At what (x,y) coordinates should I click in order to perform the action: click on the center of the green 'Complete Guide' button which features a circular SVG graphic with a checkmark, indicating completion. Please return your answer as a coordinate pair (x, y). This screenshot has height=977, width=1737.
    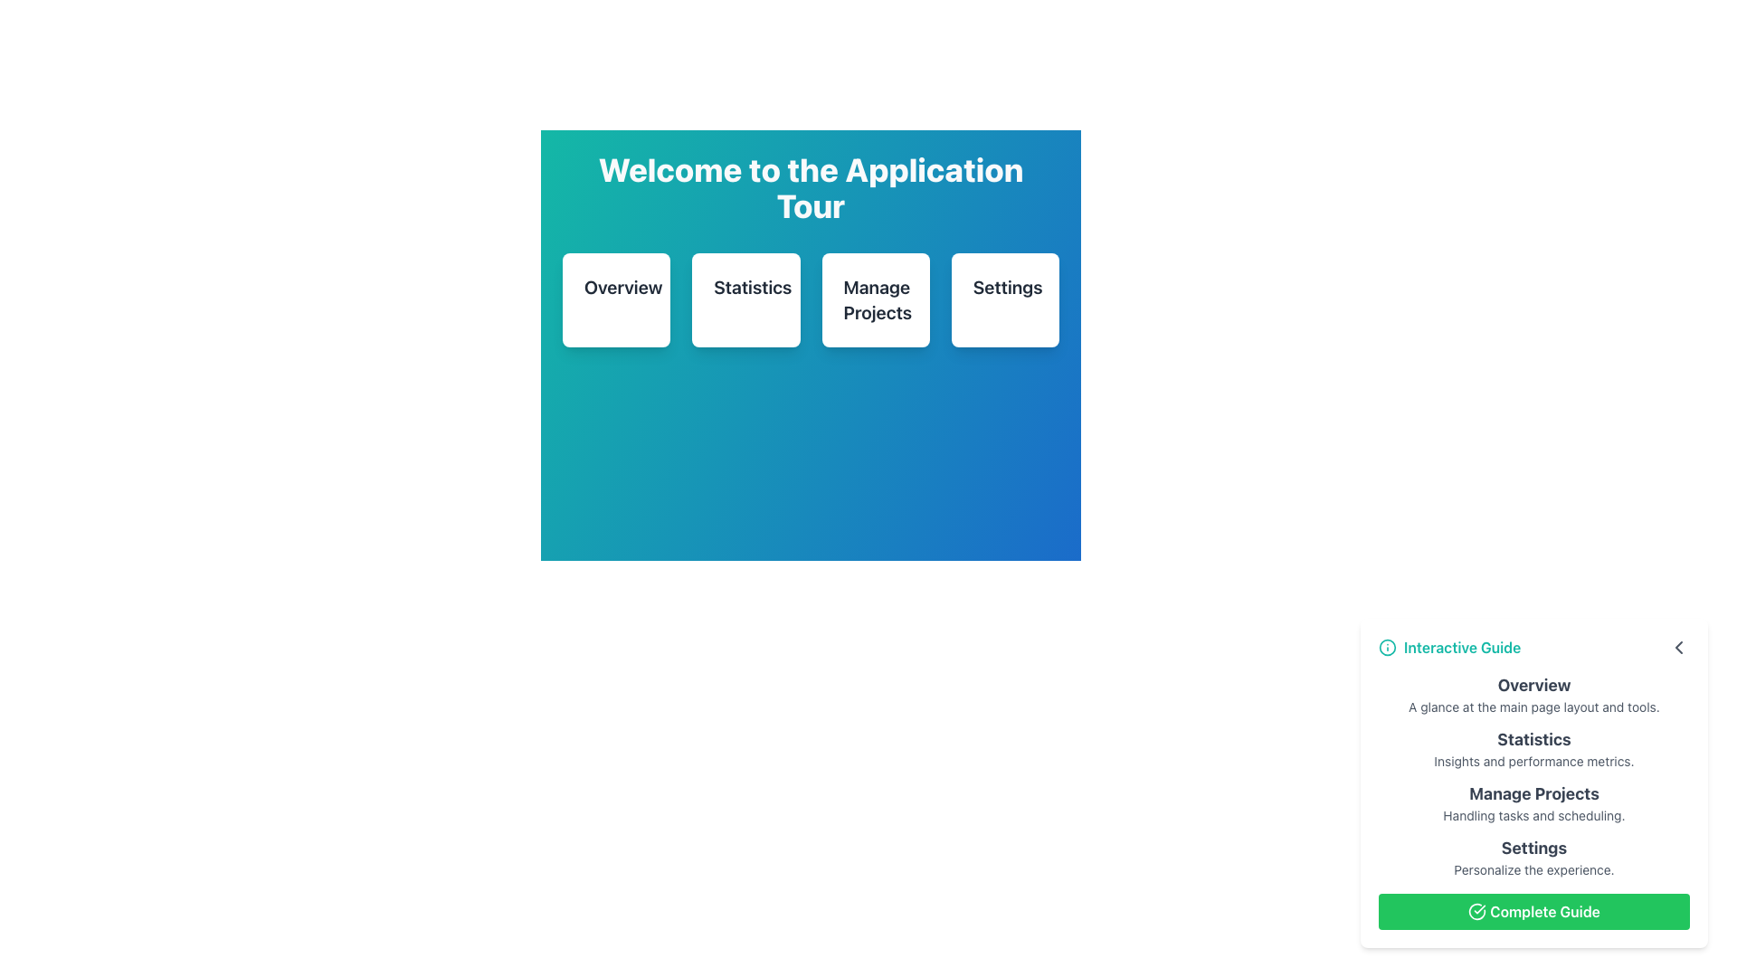
    Looking at the image, I should click on (1477, 911).